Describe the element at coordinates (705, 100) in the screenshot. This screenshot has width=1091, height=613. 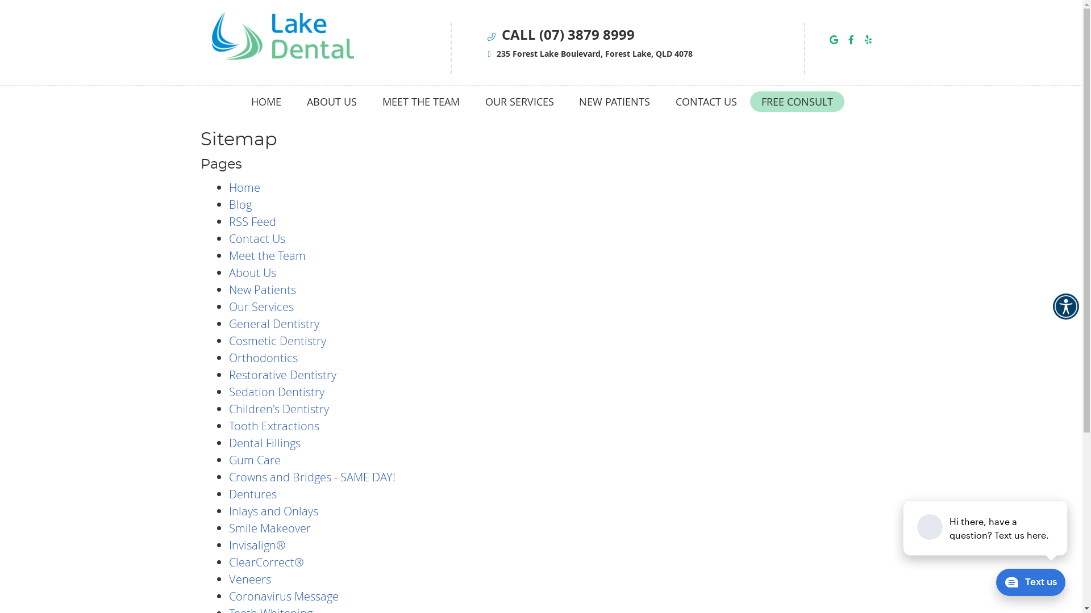
I see `'CONTACT US'` at that location.